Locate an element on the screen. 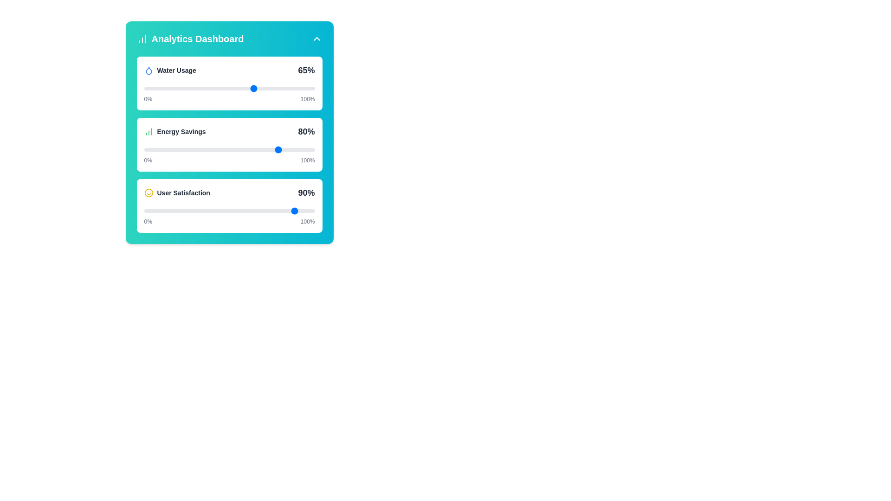  energy savings is located at coordinates (207, 149).